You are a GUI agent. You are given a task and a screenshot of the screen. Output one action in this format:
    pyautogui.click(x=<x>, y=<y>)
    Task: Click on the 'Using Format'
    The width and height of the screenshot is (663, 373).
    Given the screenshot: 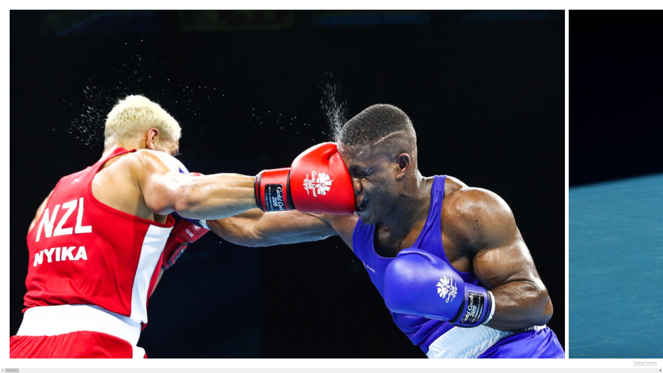 What is the action you would take?
    pyautogui.click(x=645, y=362)
    